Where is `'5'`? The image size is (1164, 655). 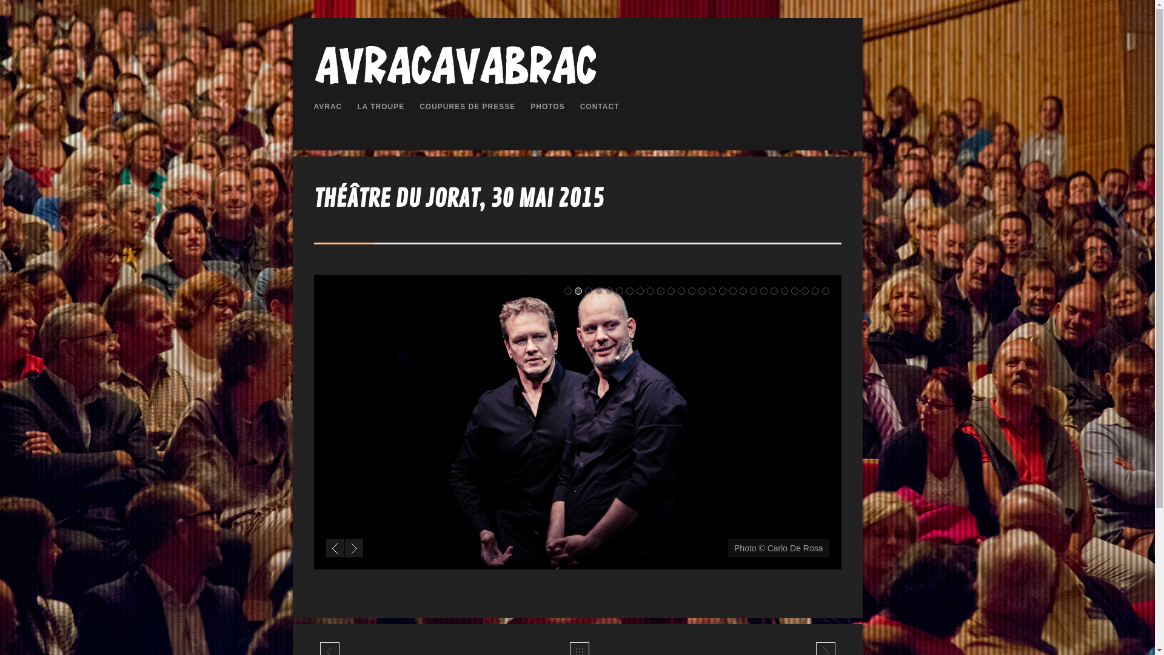 '5' is located at coordinates (608, 291).